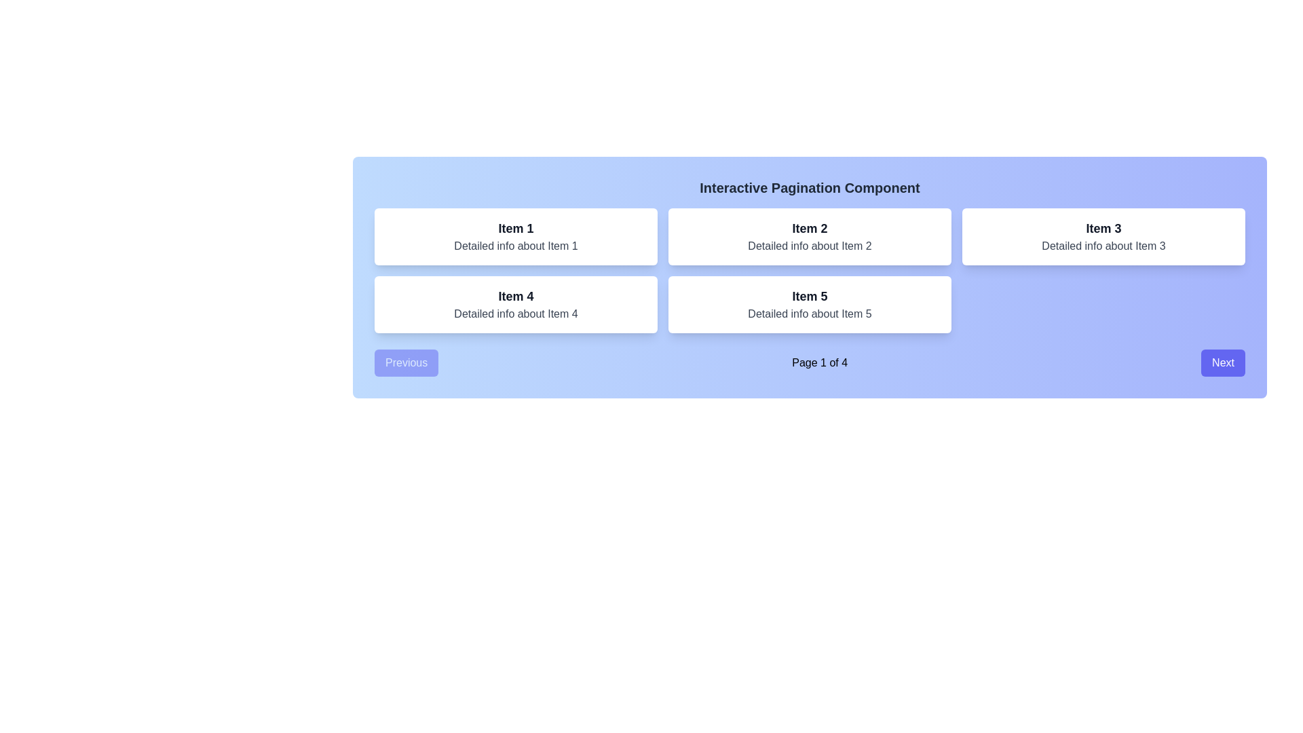 The image size is (1303, 733). I want to click on the text label displaying 'Item 4', which is located at the left center of the second row in a grid of five containers, so click(515, 295).